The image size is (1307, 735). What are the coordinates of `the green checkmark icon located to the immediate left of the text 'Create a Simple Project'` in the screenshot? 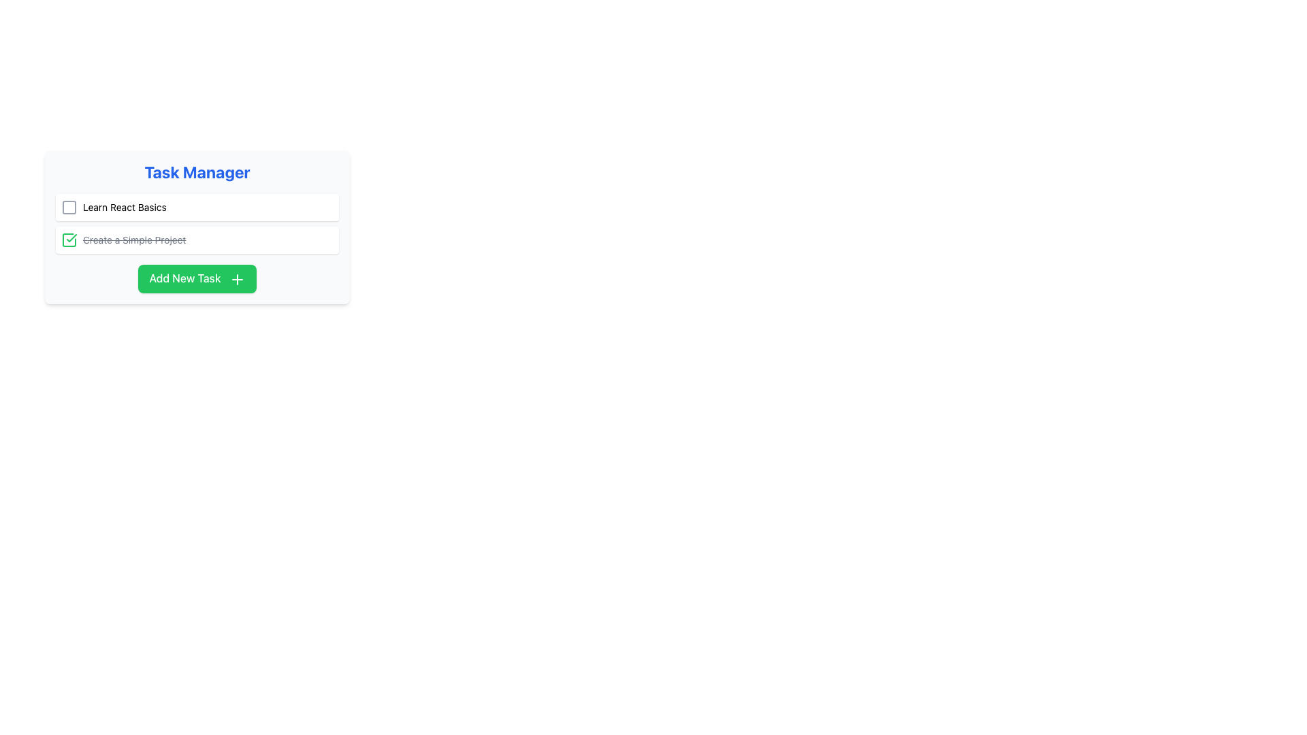 It's located at (68, 240).